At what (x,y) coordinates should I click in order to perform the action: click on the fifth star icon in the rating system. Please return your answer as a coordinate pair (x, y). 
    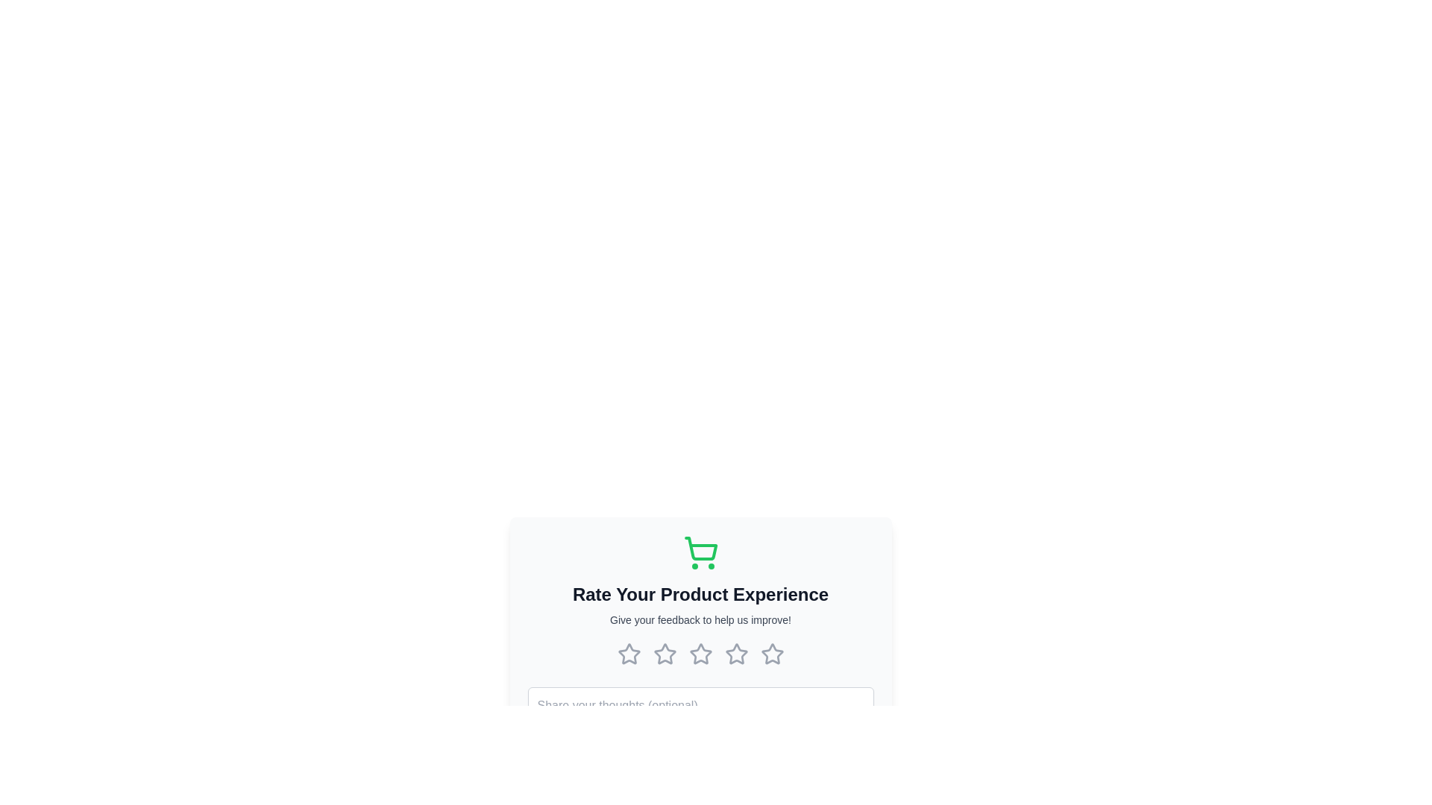
    Looking at the image, I should click on (772, 653).